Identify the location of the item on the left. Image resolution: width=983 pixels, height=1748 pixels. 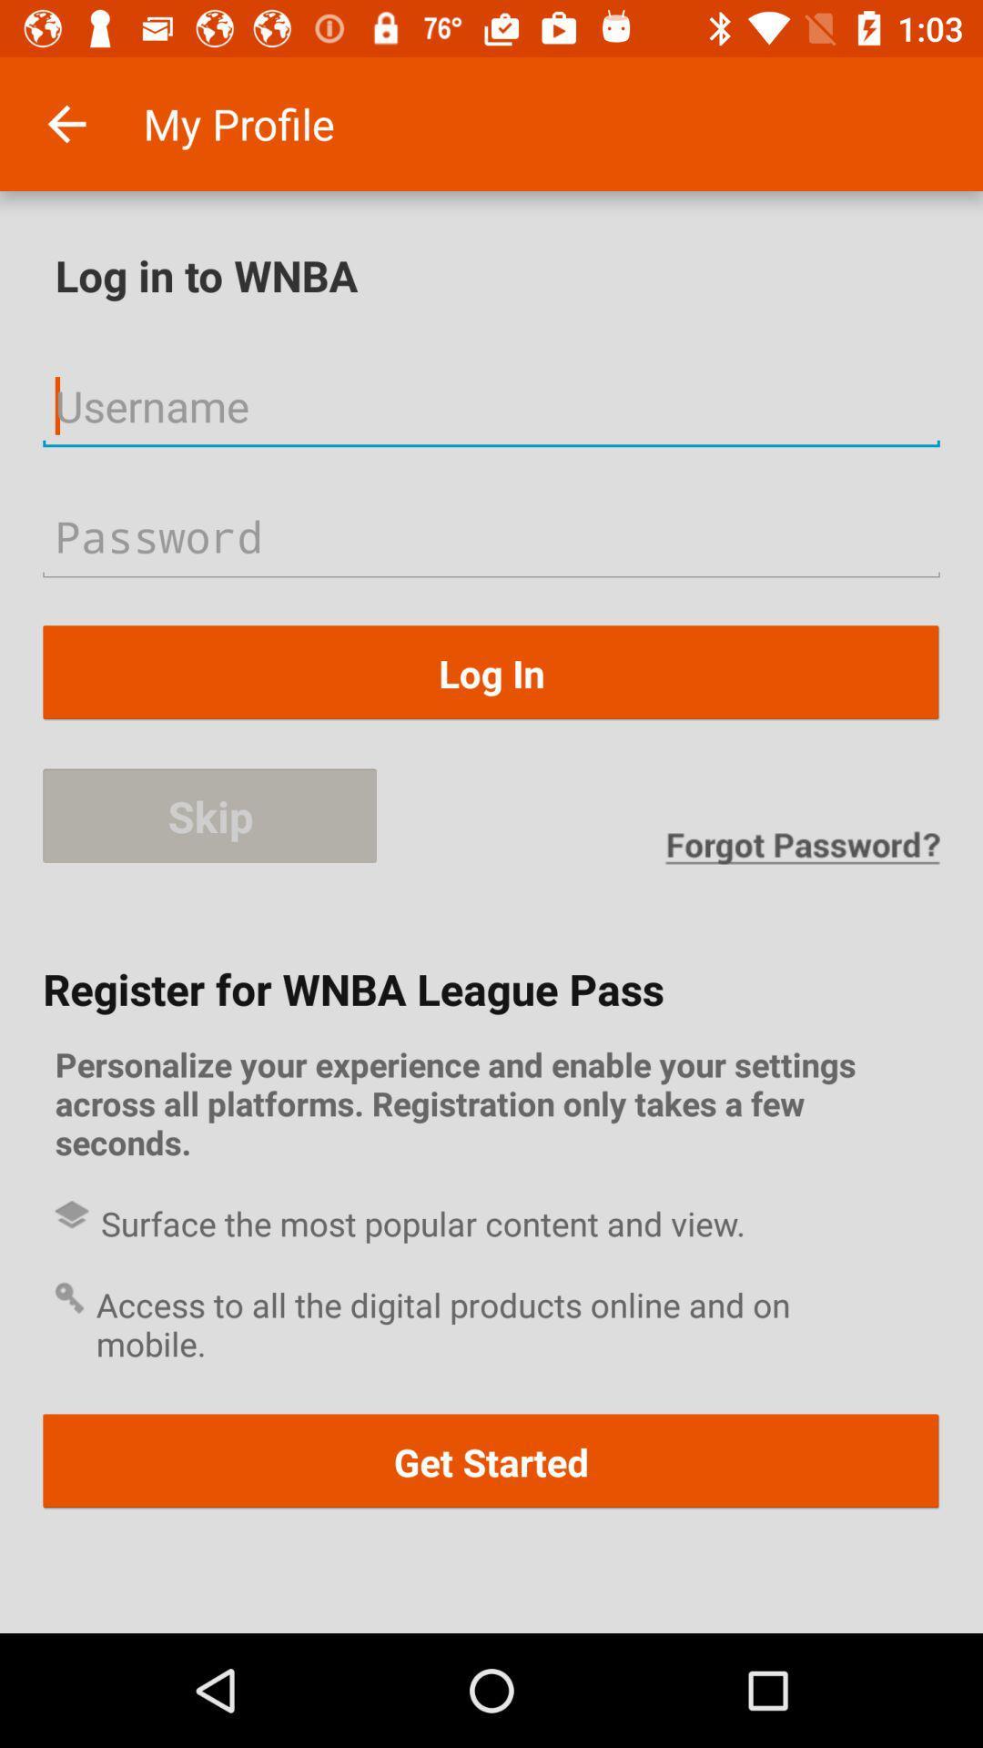
(209, 816).